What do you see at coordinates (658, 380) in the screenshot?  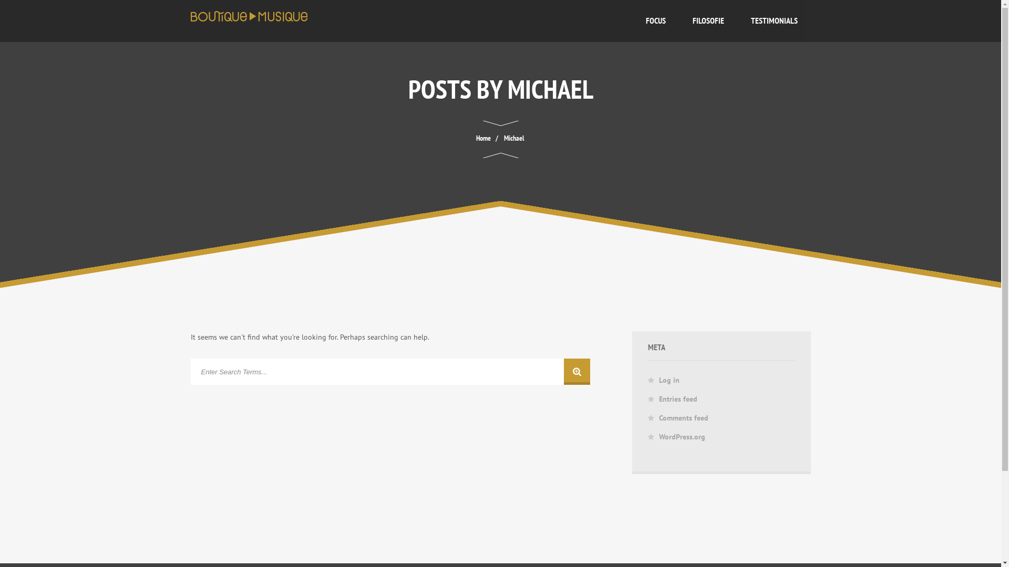 I see `'Log in'` at bounding box center [658, 380].